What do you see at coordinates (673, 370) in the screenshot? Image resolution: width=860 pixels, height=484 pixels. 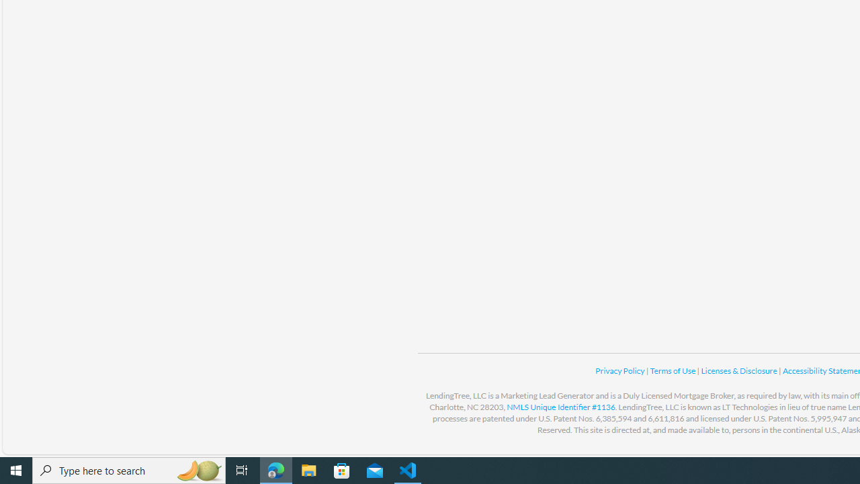 I see `'Terms of Use '` at bounding box center [673, 370].